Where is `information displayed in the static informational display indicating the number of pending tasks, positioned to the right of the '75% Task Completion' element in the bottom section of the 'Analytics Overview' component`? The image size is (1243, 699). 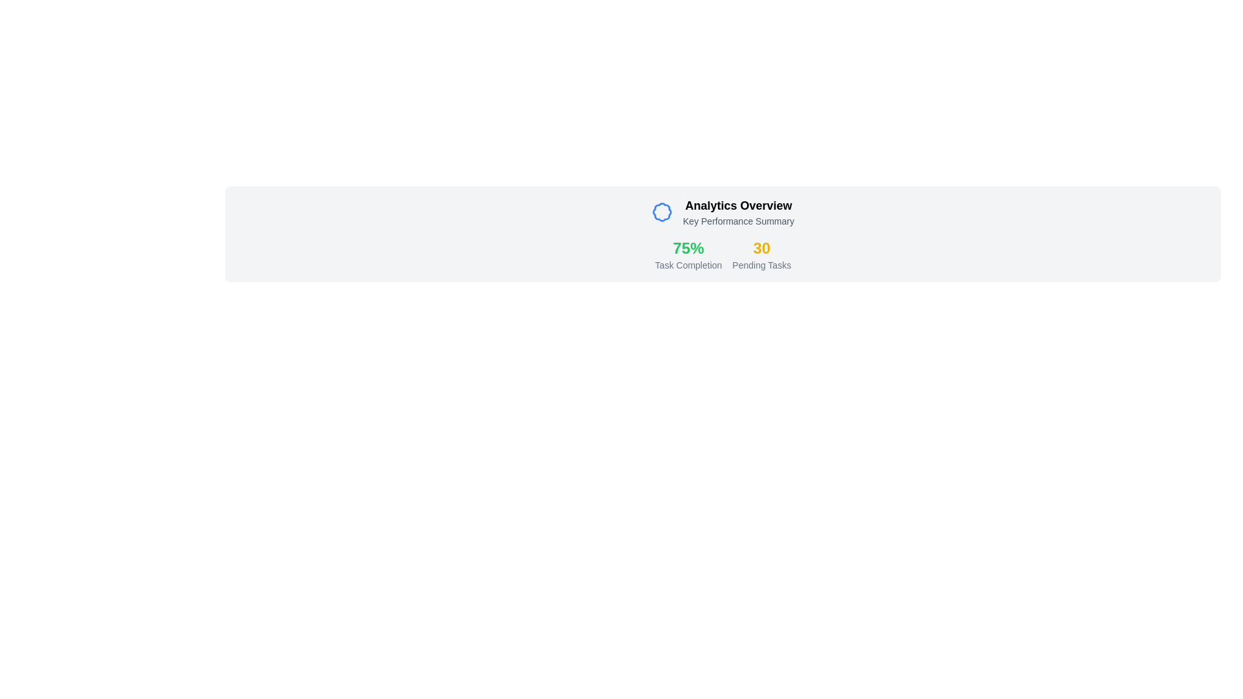
information displayed in the static informational display indicating the number of pending tasks, positioned to the right of the '75% Task Completion' element in the bottom section of the 'Analytics Overview' component is located at coordinates (761, 254).